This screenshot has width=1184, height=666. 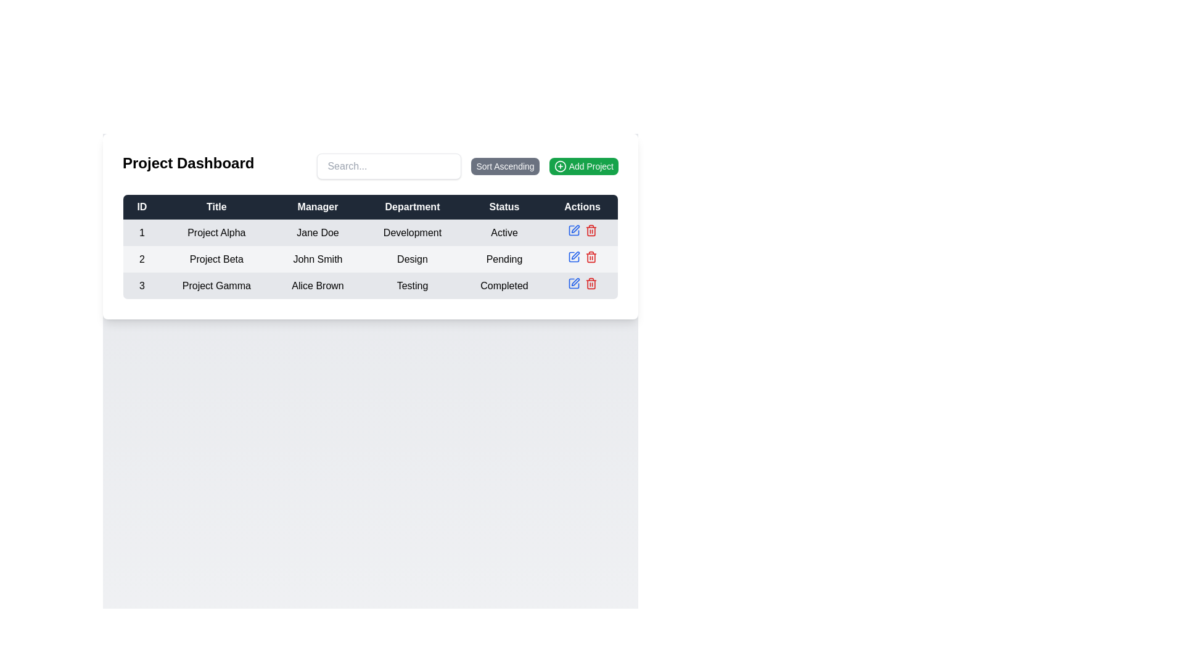 I want to click on the static text label indicating the status of the project, which shows 'Completed' in the fifth column of the third row of the table structure, so click(x=504, y=286).